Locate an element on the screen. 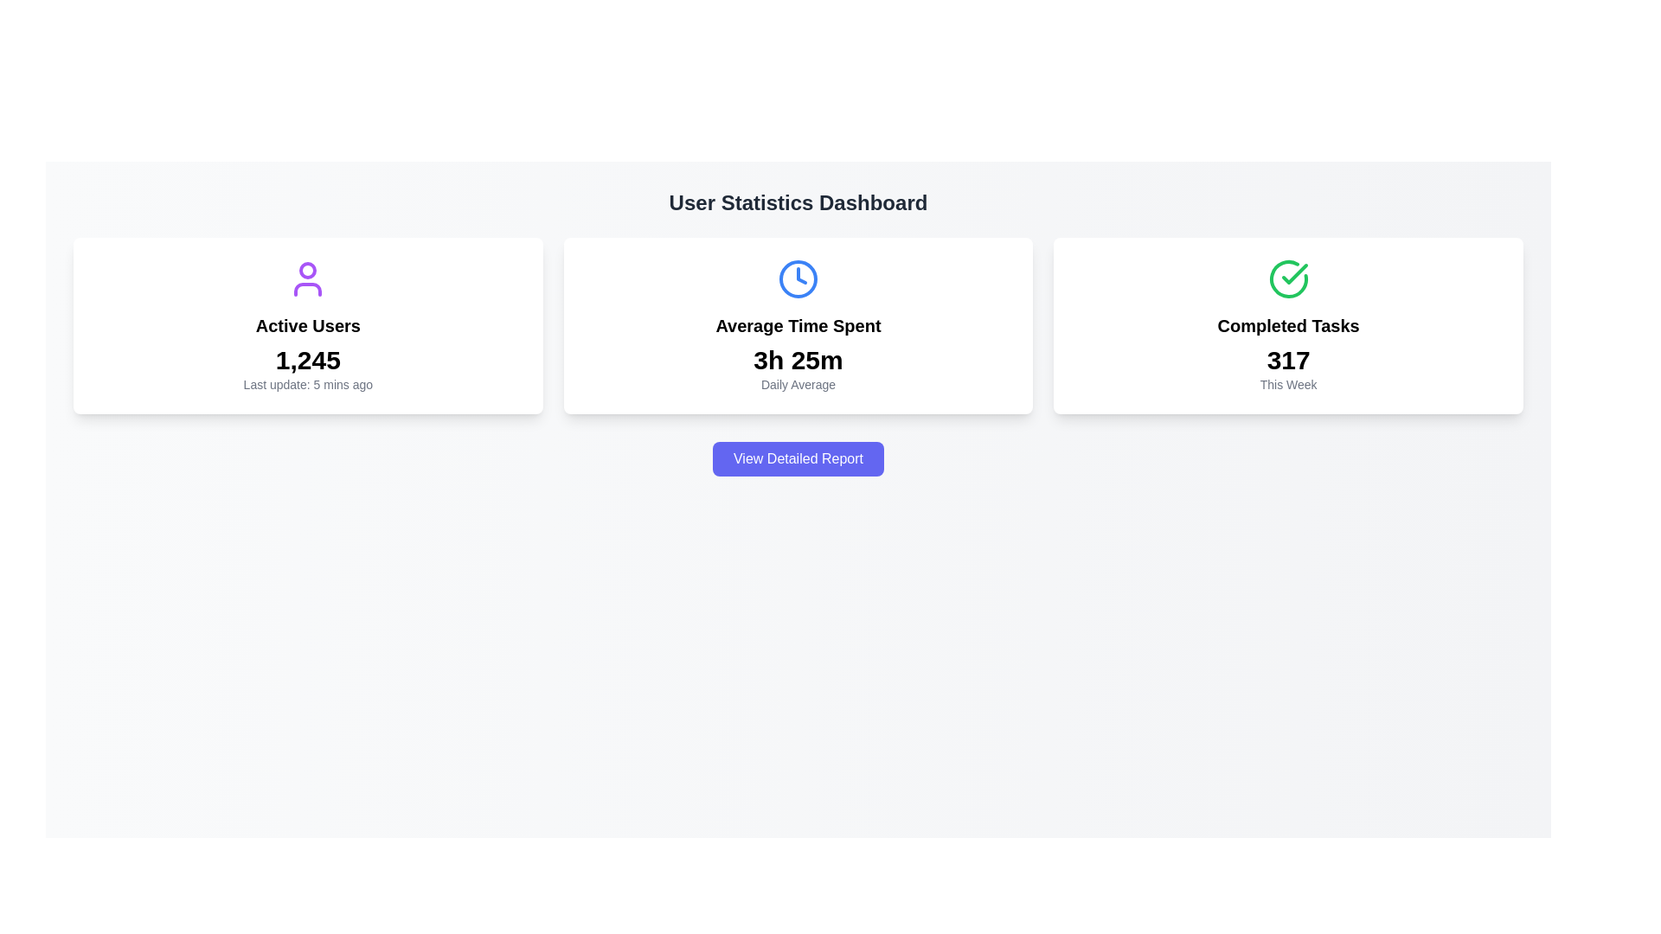 The image size is (1661, 934). the text label located in the center column, positioned directly below the clock icon and above the text '3h 25m' is located at coordinates (797, 326).